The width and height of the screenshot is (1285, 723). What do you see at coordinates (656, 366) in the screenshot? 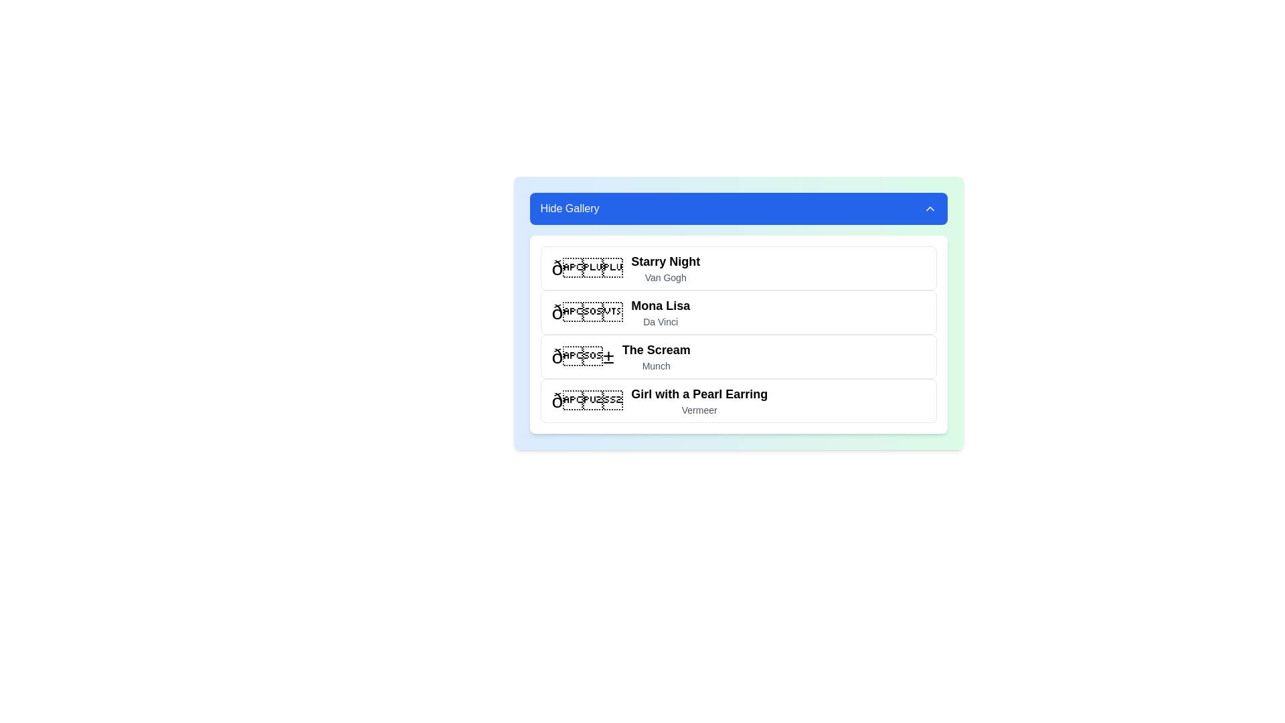
I see `the text label displaying 'Munch', which is located directly below the title 'The Scream'` at bounding box center [656, 366].